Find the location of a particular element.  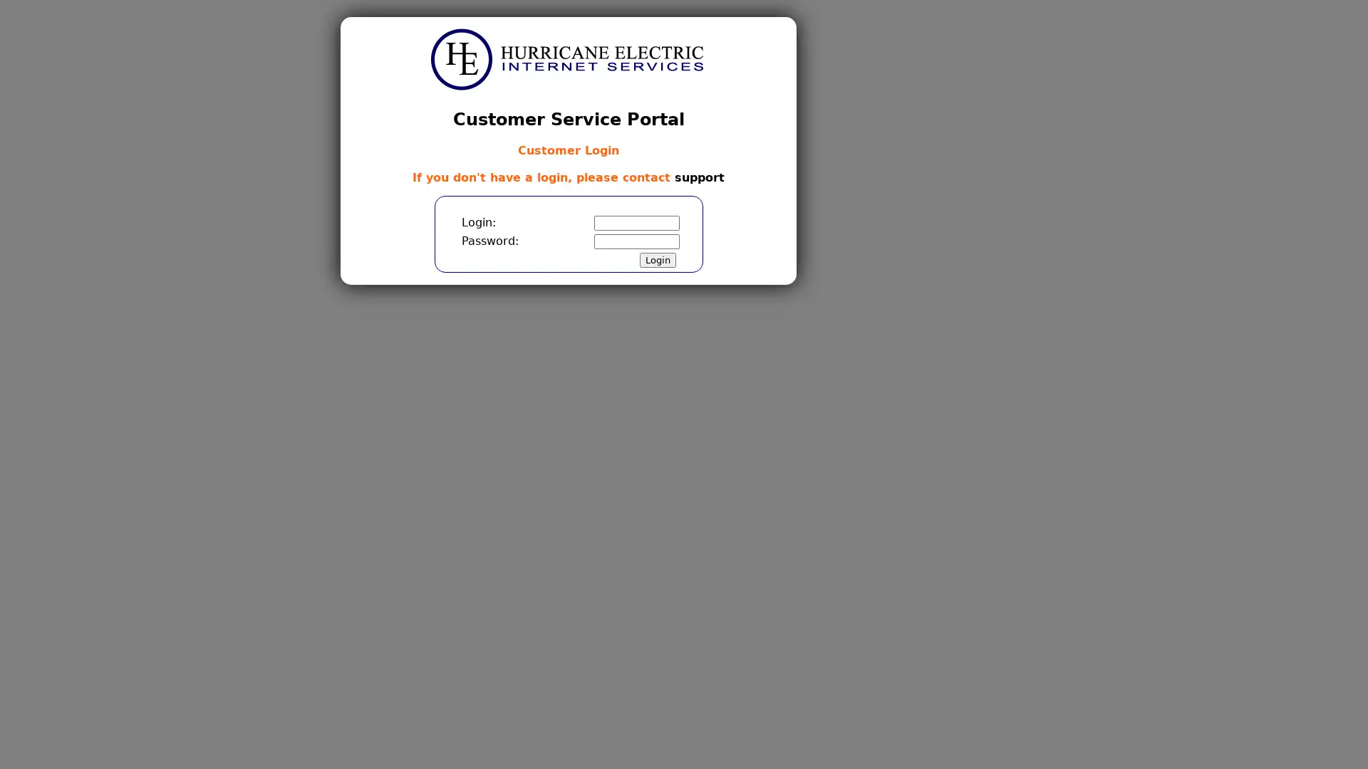

Login is located at coordinates (656, 260).